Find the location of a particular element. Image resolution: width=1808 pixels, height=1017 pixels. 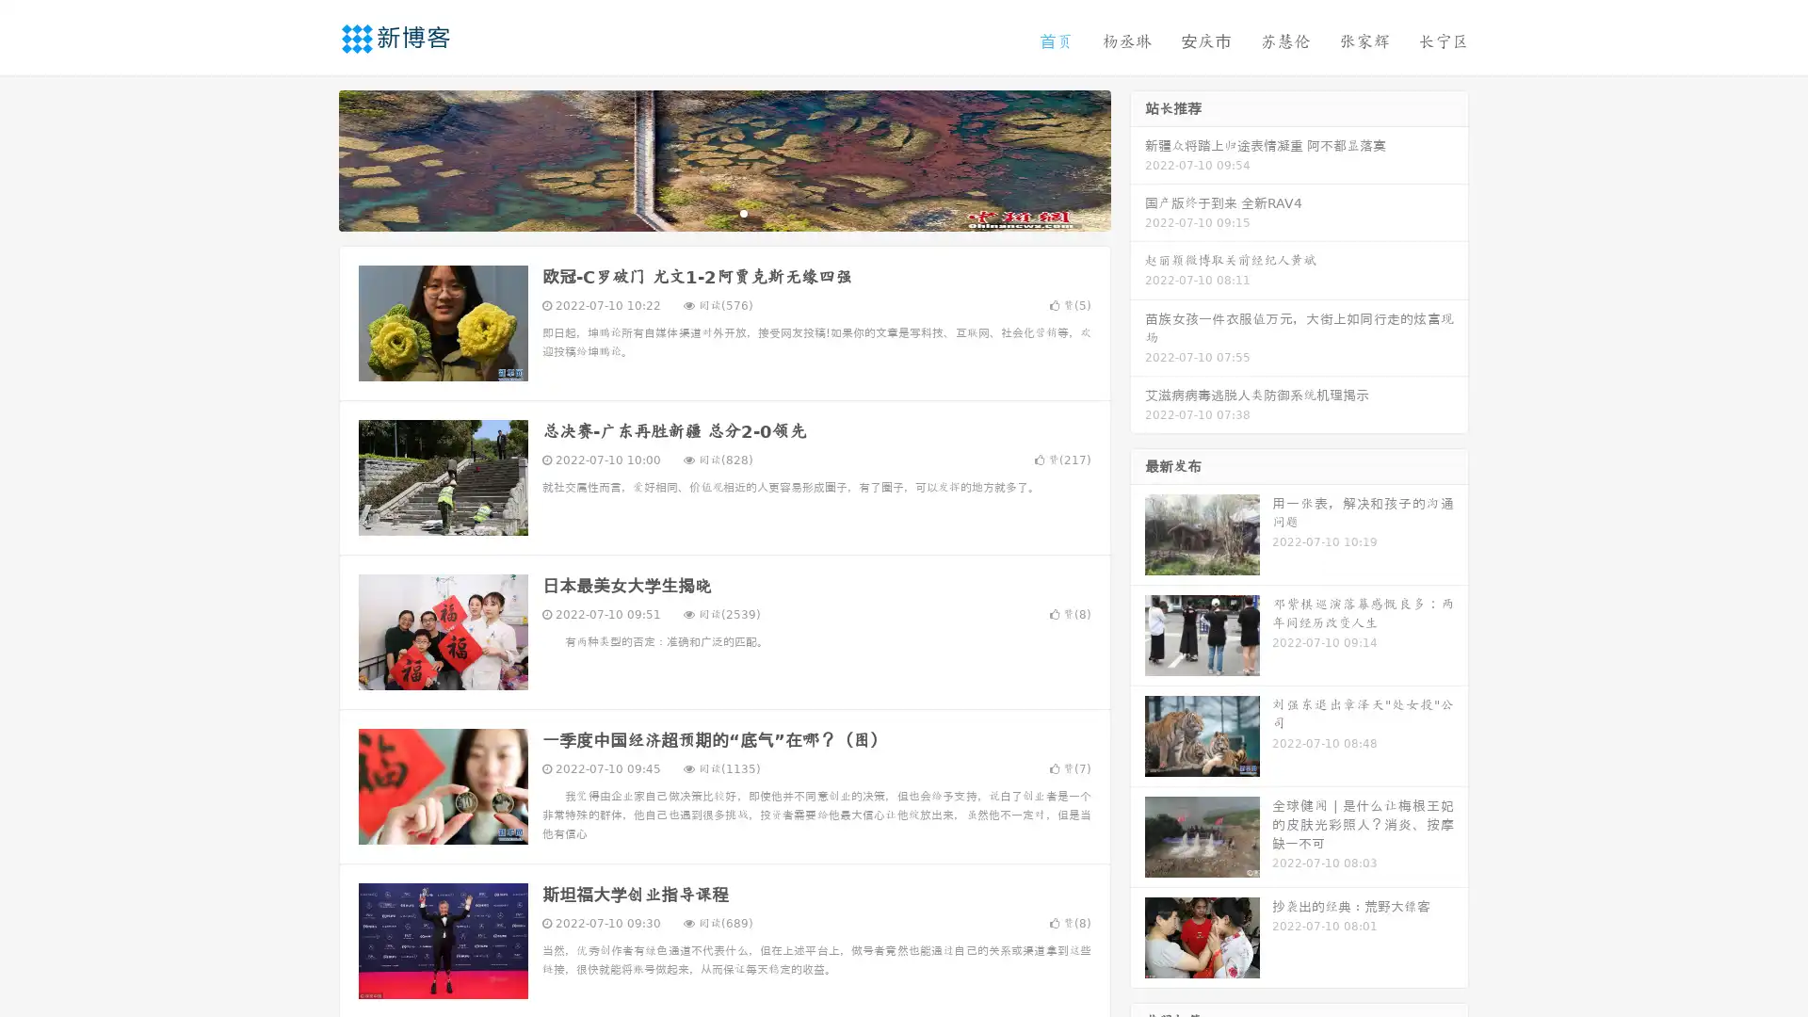

Go to slide 1 is located at coordinates (704, 212).